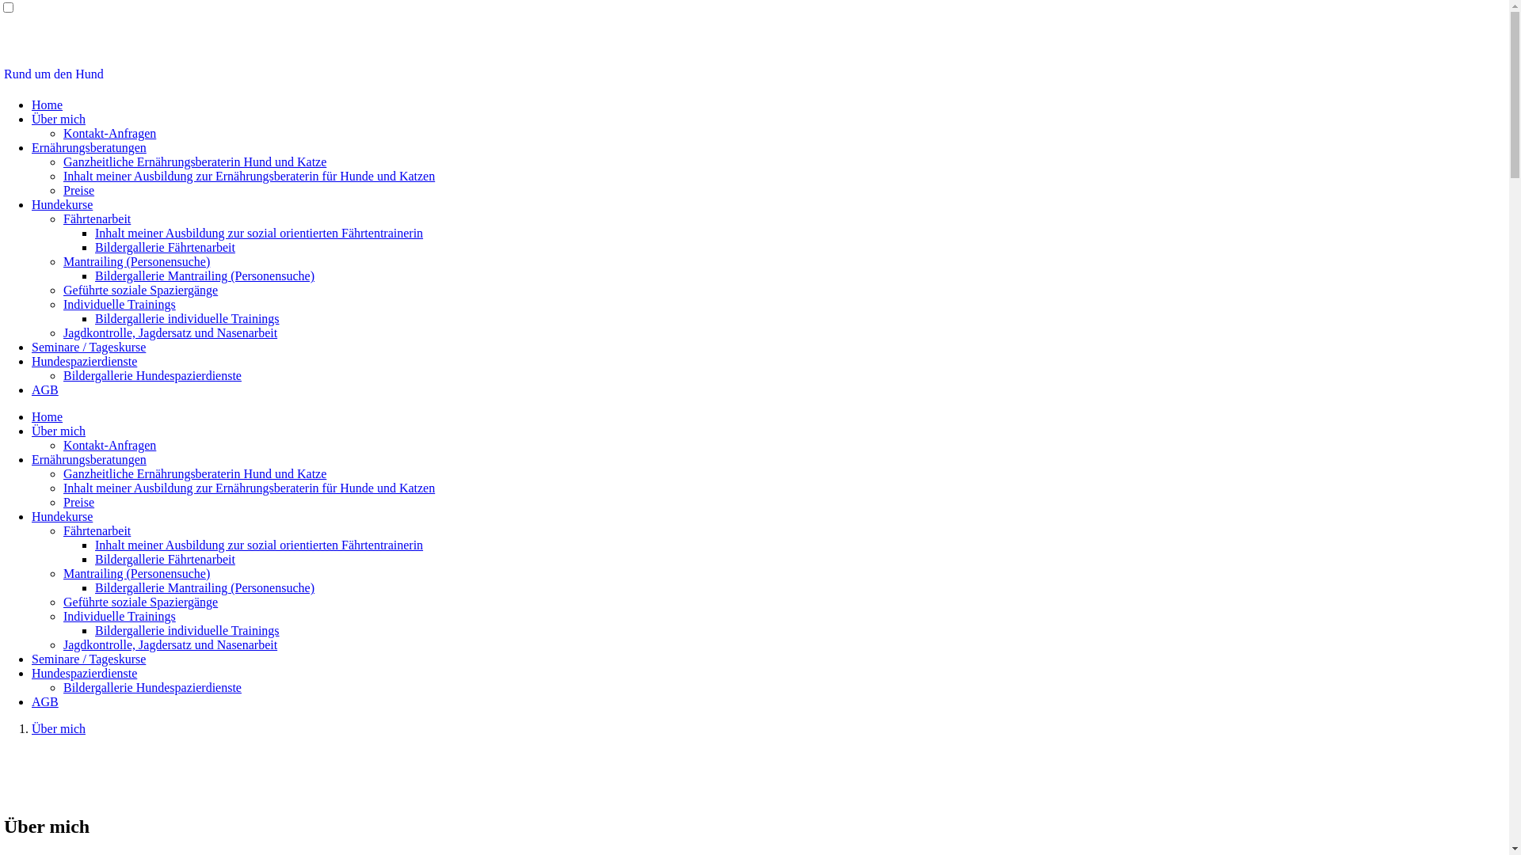 The image size is (1521, 855). I want to click on 'Bildergallerie Hundespazierdienste', so click(152, 375).